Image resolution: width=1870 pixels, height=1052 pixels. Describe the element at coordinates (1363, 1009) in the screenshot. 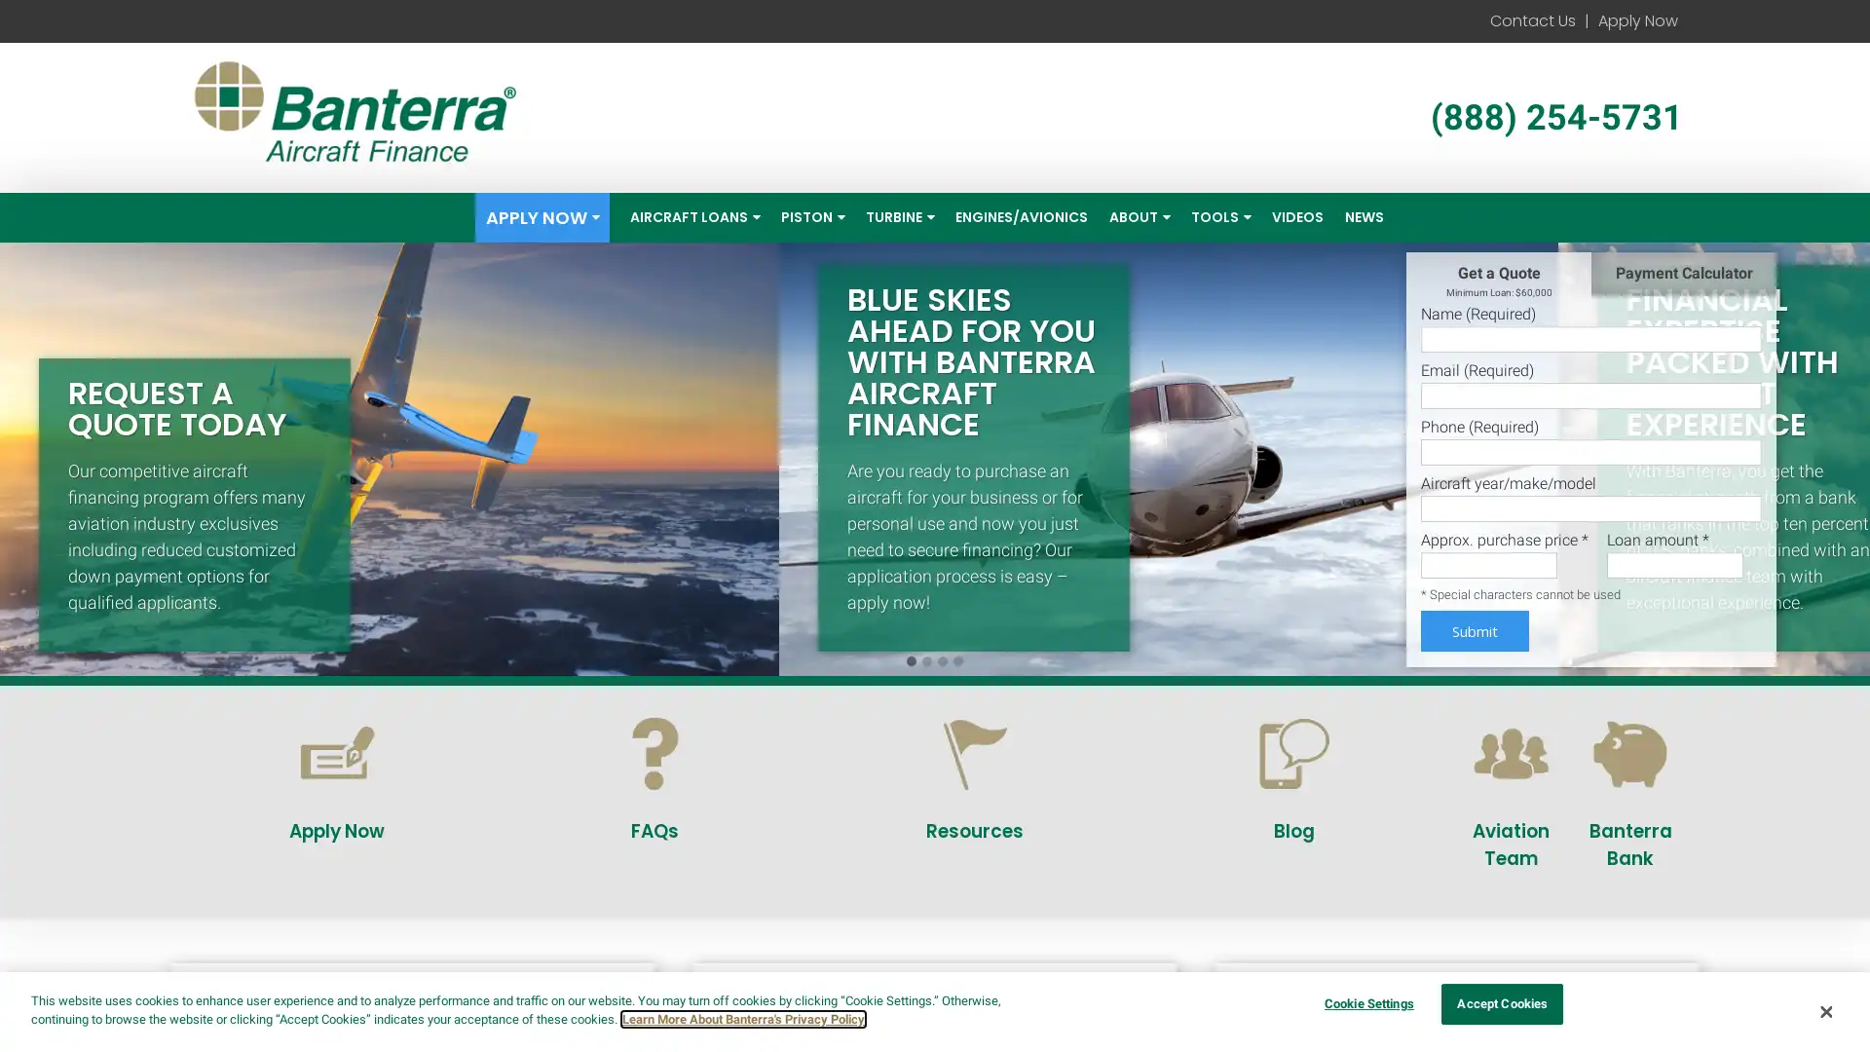

I see `Cookie Settings` at that location.